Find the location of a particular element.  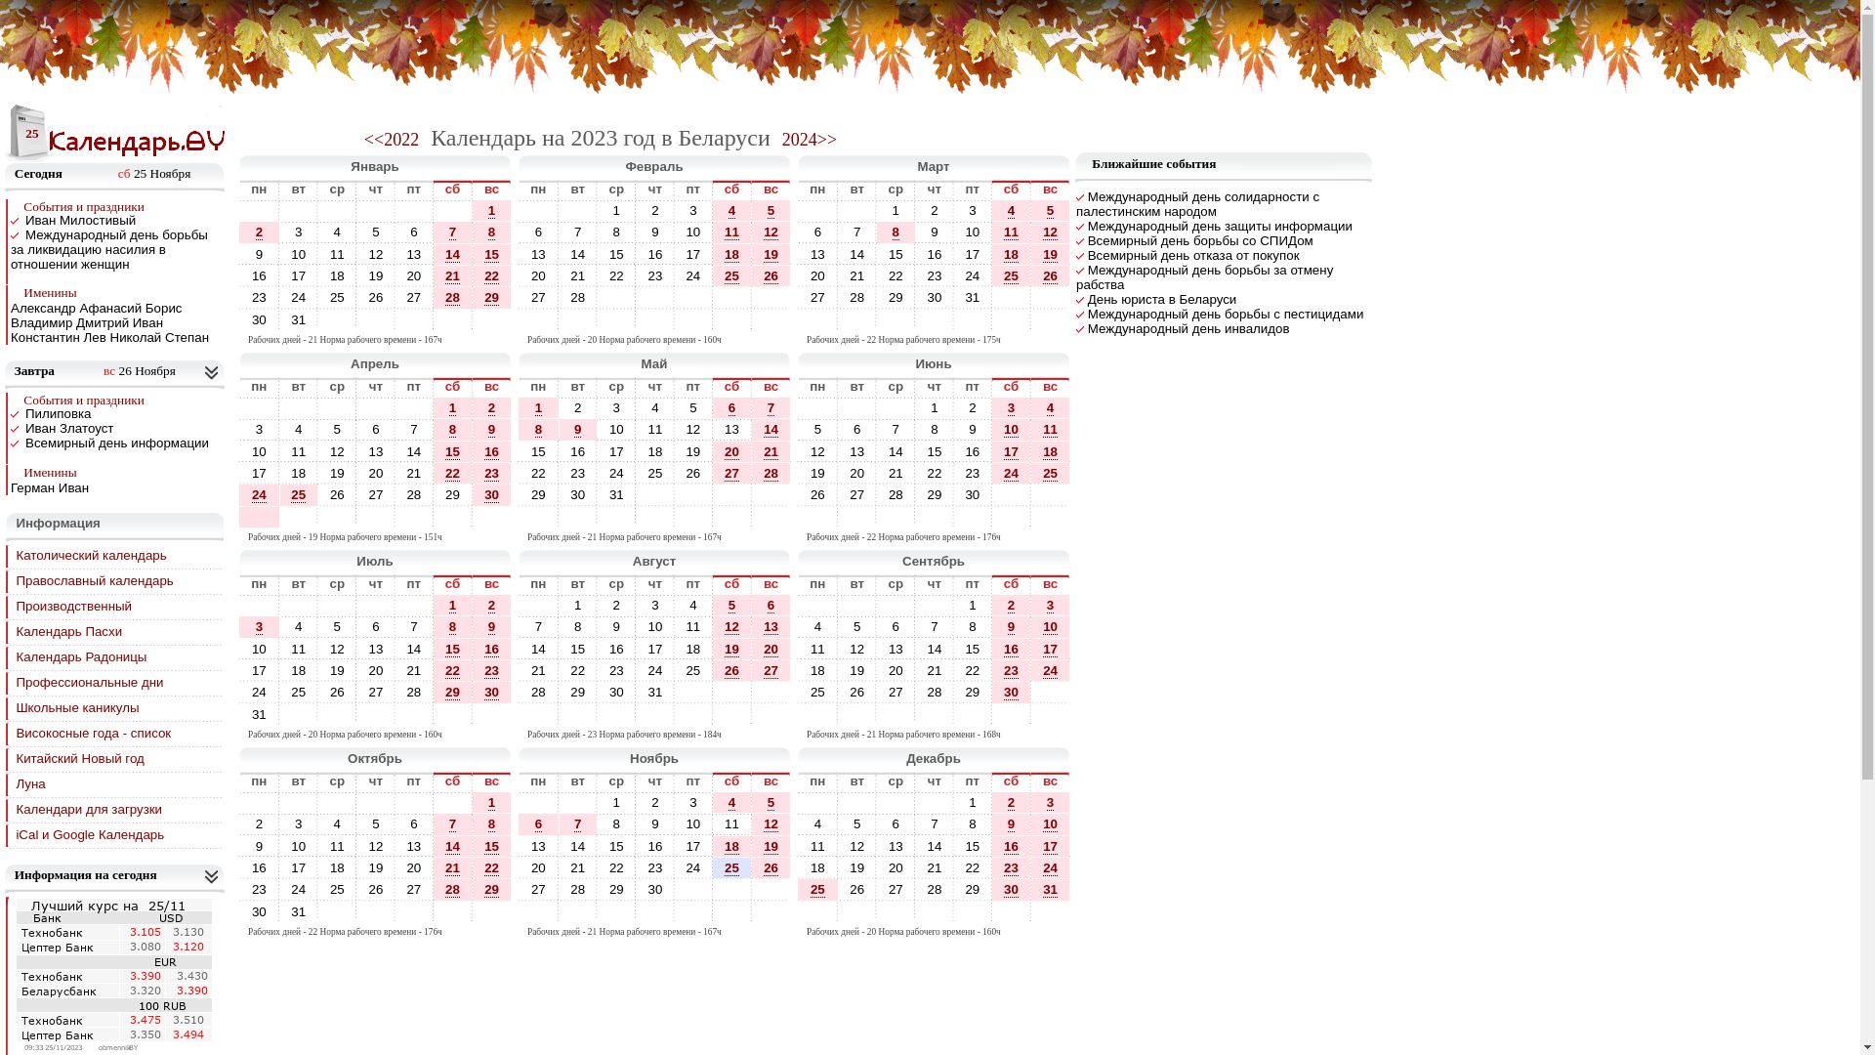

'29' is located at coordinates (483, 297).